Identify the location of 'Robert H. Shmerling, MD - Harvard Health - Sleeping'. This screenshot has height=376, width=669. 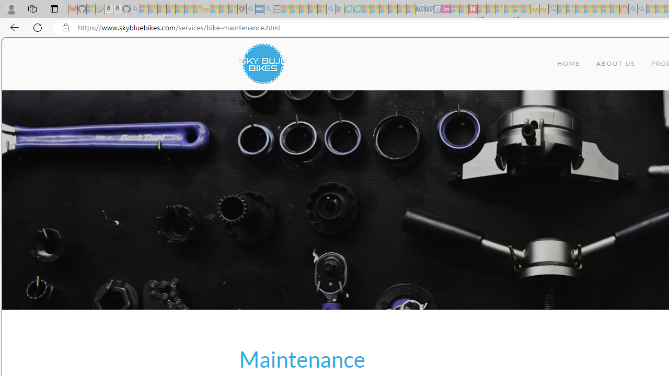
(241, 9).